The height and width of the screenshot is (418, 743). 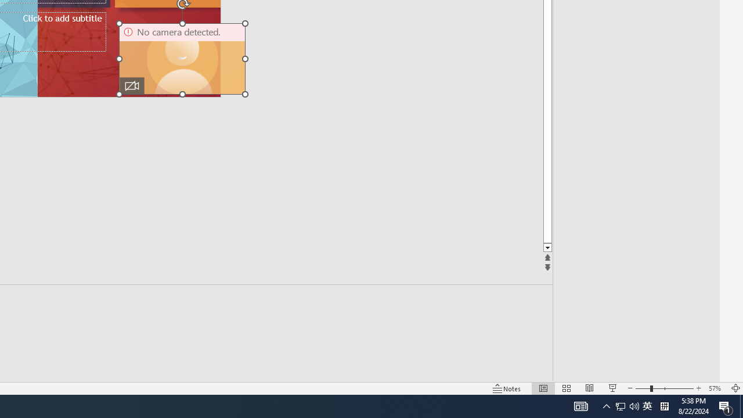 I want to click on 'Camera 11, No camera detected.', so click(x=182, y=59).